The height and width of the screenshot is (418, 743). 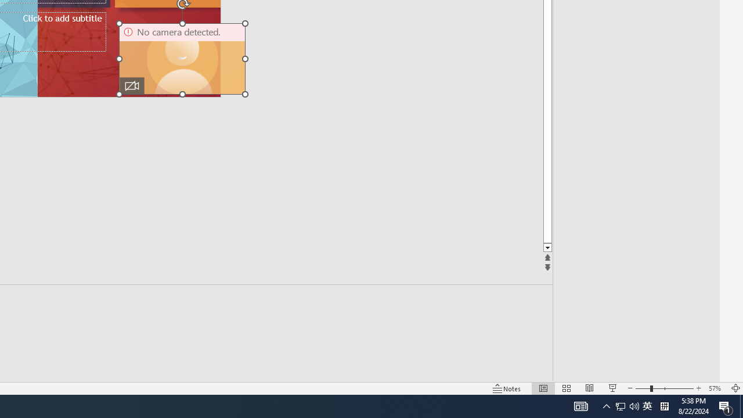 I want to click on 'Camera 11, No camera detected.', so click(x=182, y=59).